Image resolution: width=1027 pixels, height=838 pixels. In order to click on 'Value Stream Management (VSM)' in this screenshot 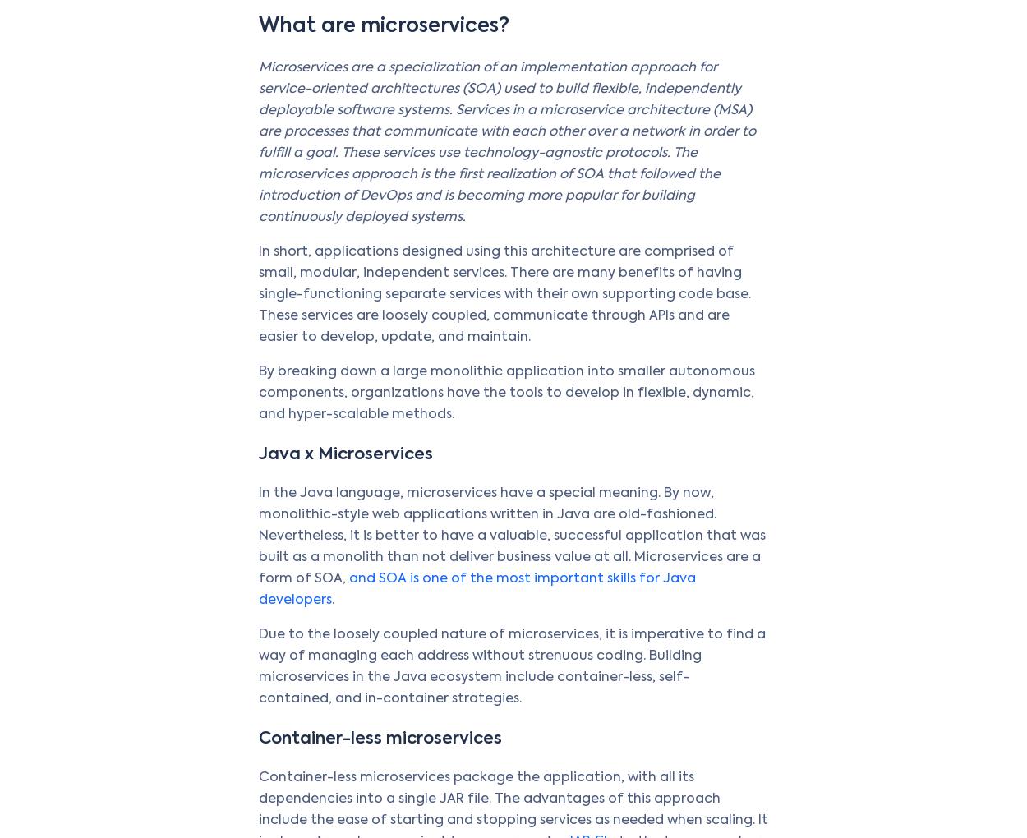, I will do `click(328, 449)`.